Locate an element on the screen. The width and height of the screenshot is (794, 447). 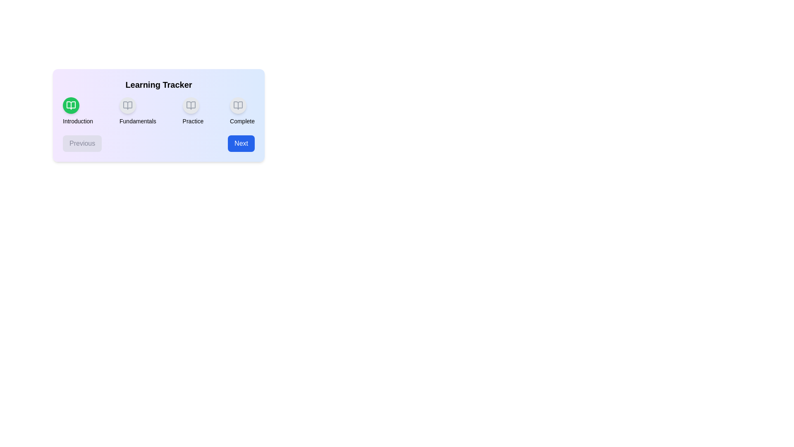
the SVG icon representing an open book, which is the second icon from the left in a horizontal menu layout is located at coordinates (127, 105).